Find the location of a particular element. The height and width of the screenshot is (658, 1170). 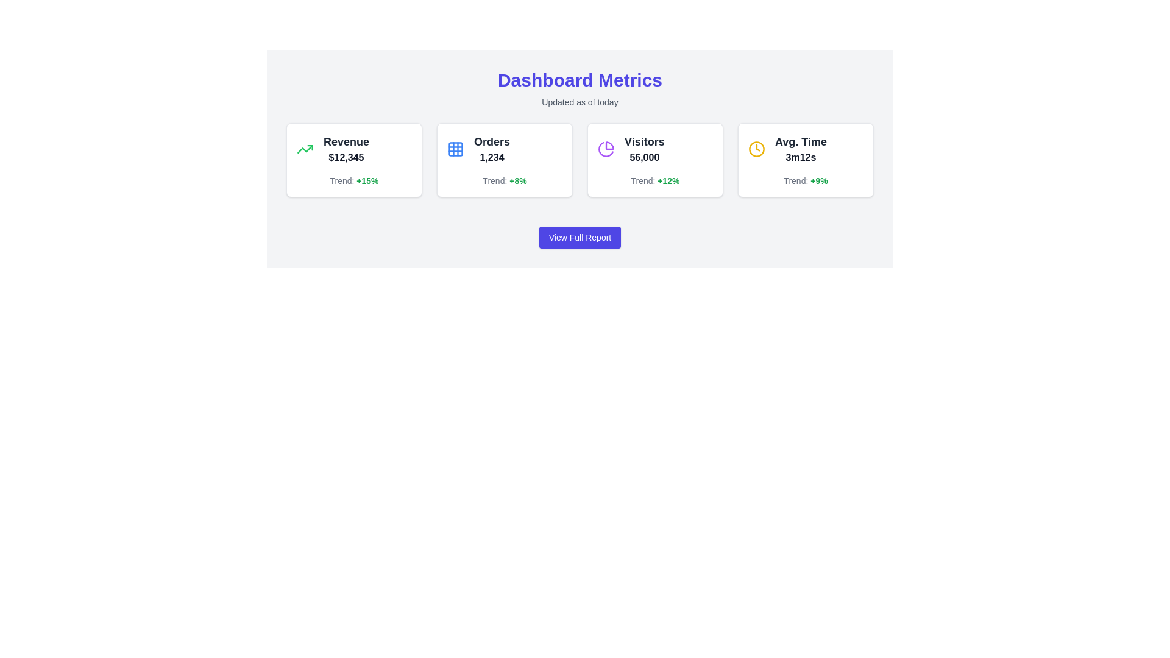

text label displaying 'Trend: +9%' located in the fourth dashboard card from the left, positioned near the bottom of the card below the main metric value is located at coordinates (806, 181).